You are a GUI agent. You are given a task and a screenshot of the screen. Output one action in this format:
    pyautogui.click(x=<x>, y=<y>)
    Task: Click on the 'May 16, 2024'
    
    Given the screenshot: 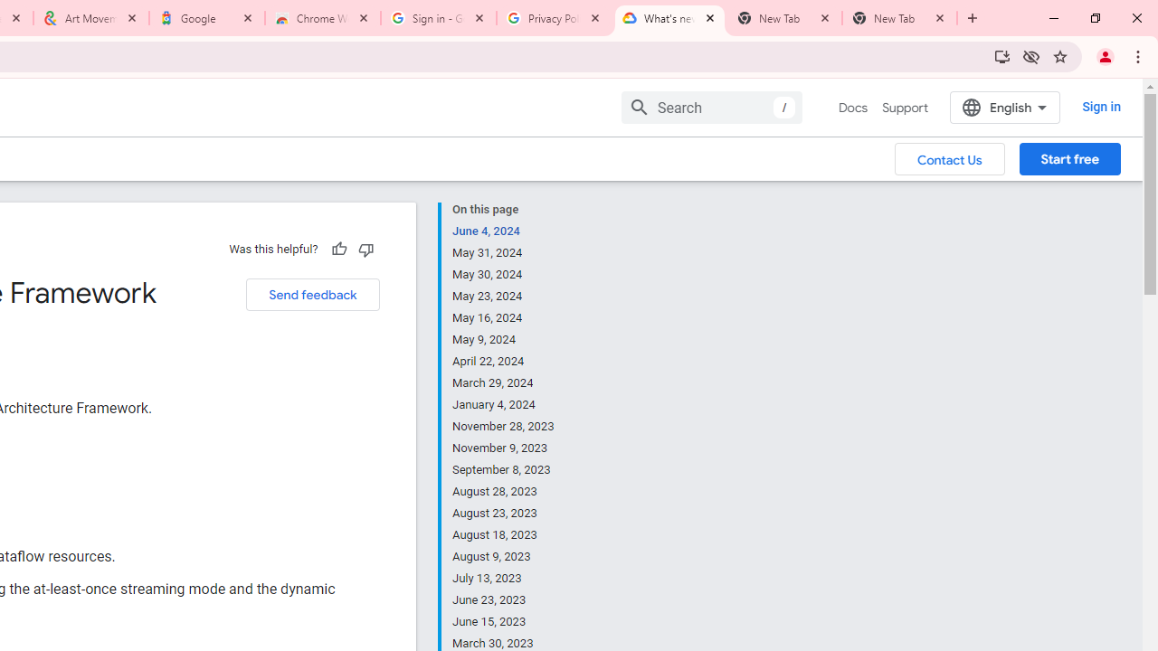 What is the action you would take?
    pyautogui.click(x=504, y=317)
    